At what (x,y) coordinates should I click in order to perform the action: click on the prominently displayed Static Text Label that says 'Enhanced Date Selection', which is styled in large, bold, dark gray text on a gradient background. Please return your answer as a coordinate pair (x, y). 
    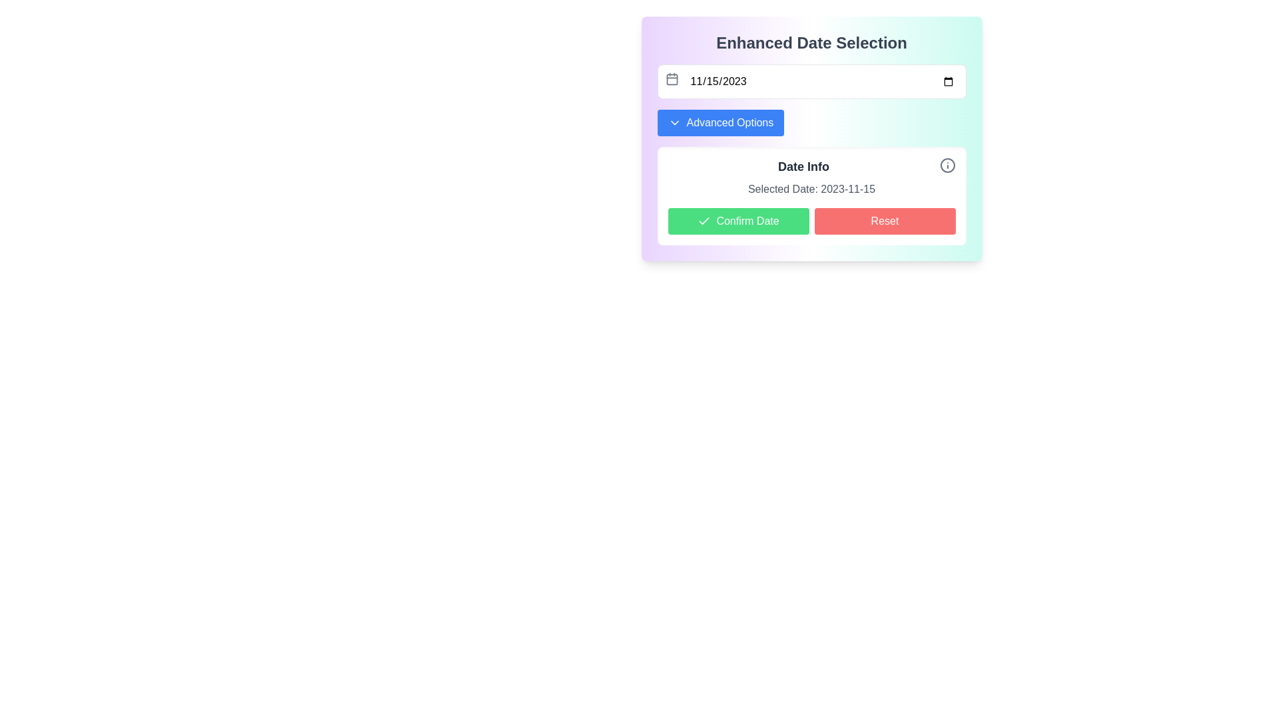
    Looking at the image, I should click on (811, 43).